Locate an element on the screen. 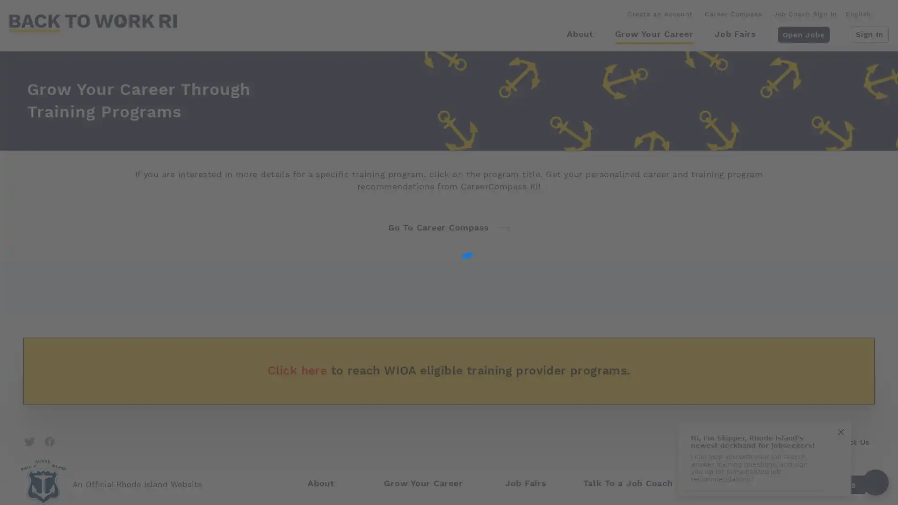 The width and height of the screenshot is (898, 505). Sign In is located at coordinates (869, 34).